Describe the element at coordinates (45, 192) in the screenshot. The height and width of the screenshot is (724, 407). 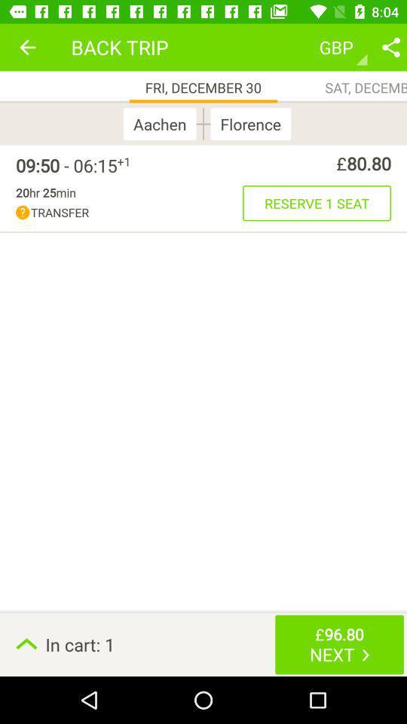
I see `20hr 25min item` at that location.